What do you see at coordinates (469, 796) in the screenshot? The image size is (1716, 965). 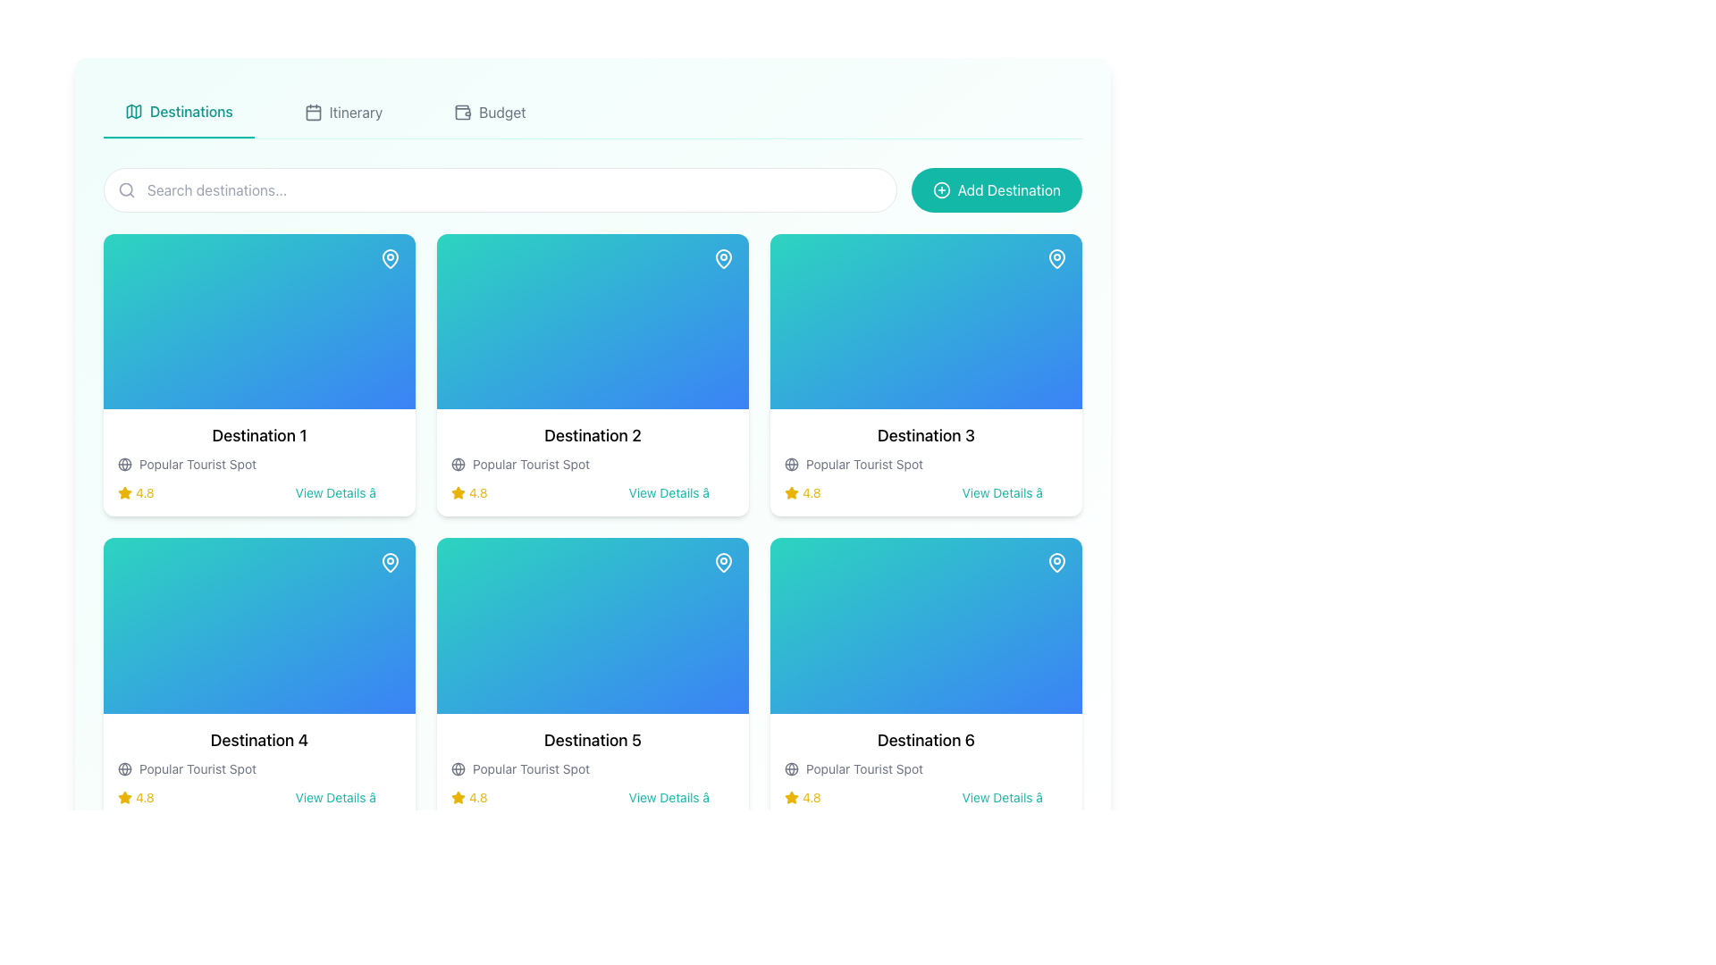 I see `numerical rating displayed in the text label for 'Destination 5', located at the bottom-left of its card, next to the star icon` at bounding box center [469, 796].